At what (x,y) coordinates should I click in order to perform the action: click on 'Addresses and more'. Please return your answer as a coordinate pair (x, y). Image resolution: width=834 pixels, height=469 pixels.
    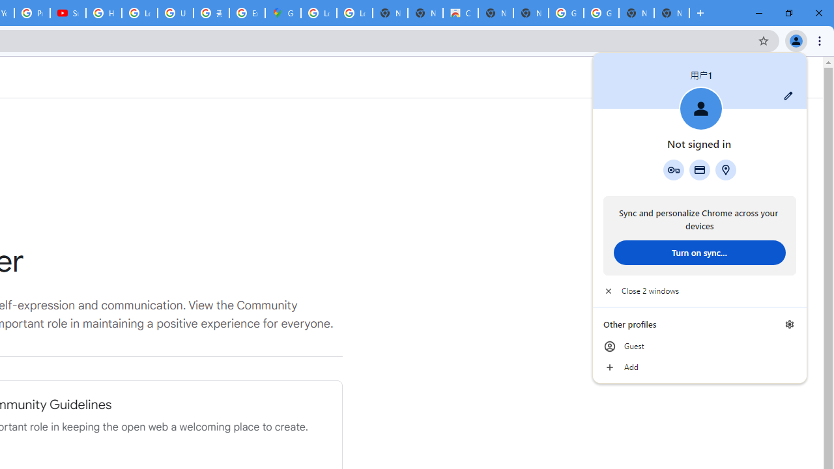
    Looking at the image, I should click on (725, 169).